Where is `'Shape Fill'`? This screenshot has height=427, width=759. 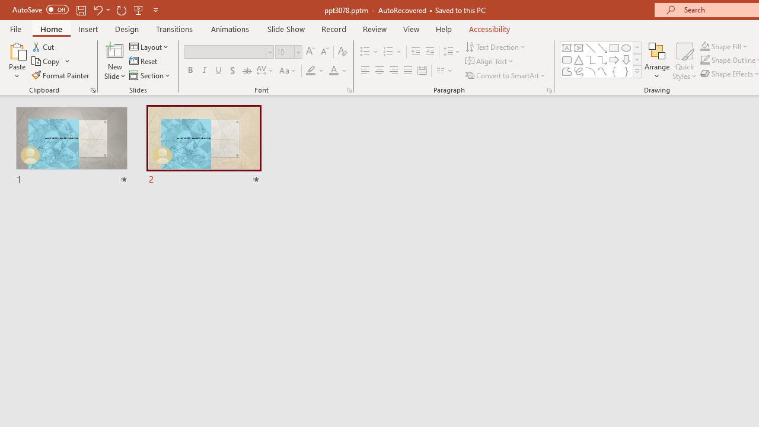 'Shape Fill' is located at coordinates (723, 46).